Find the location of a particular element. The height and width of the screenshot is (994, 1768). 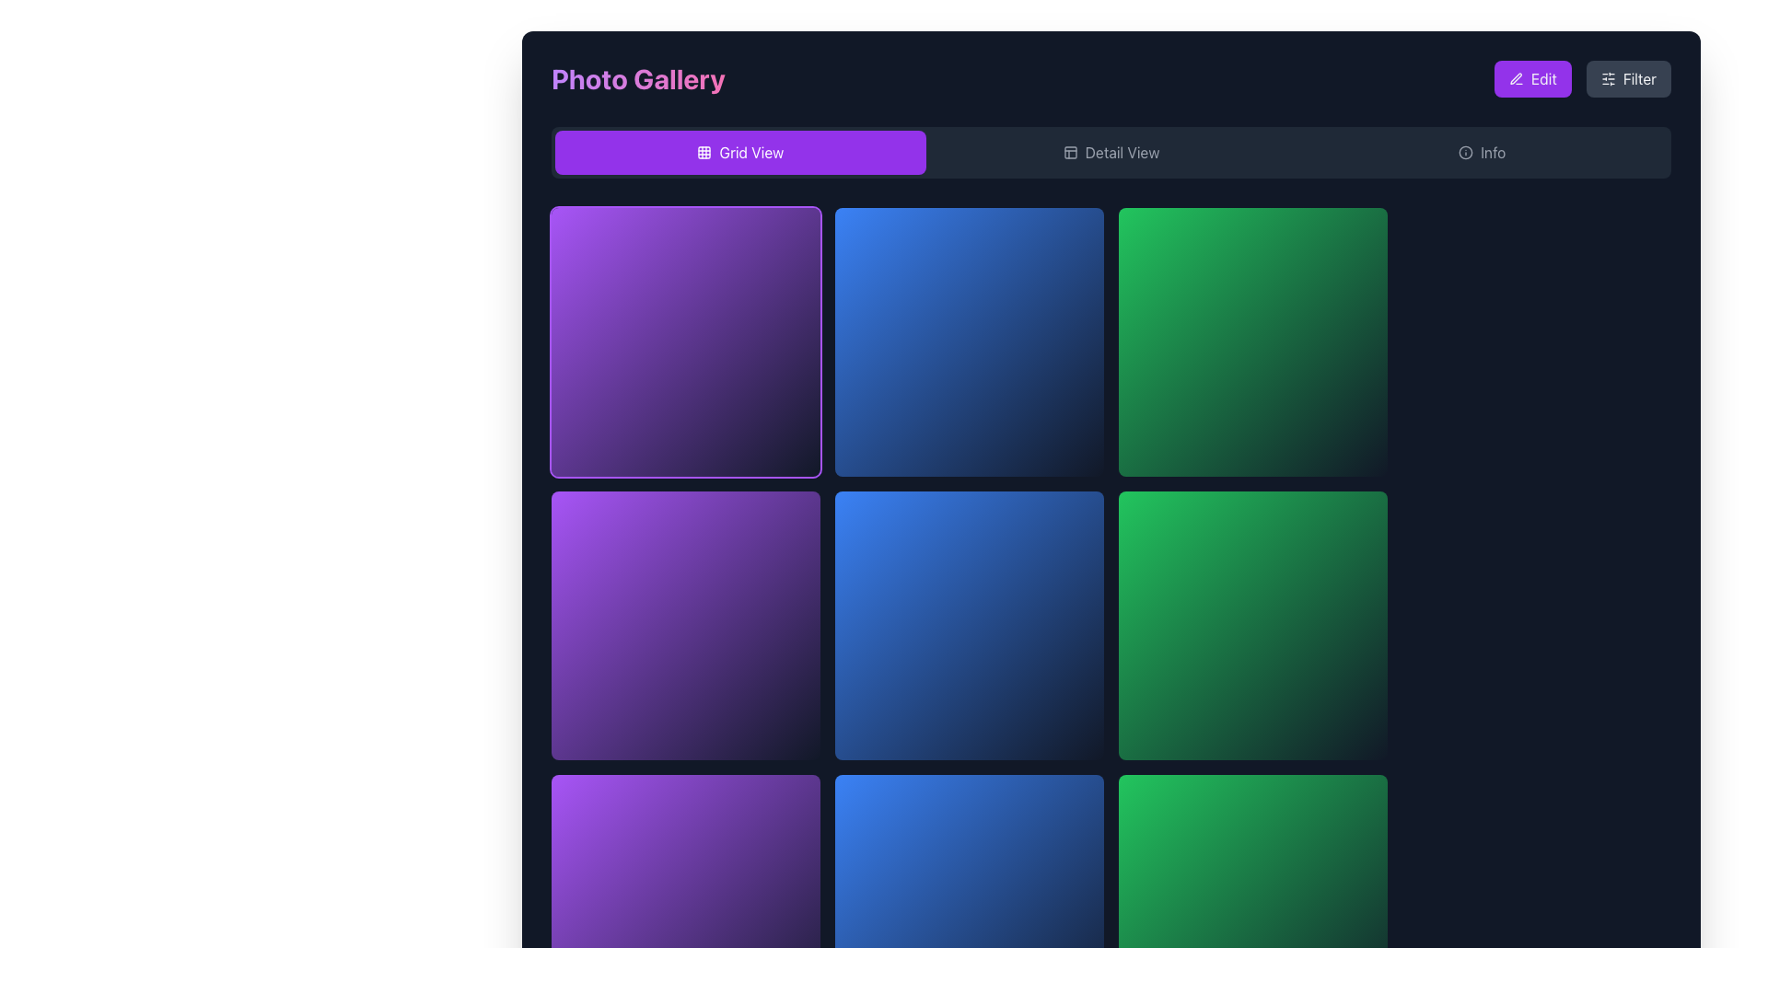

the clickable grid item or card component with a purple-to-indigo gradient background located in the second cell of the second row to trigger the group-hover style effect is located at coordinates (684, 624).